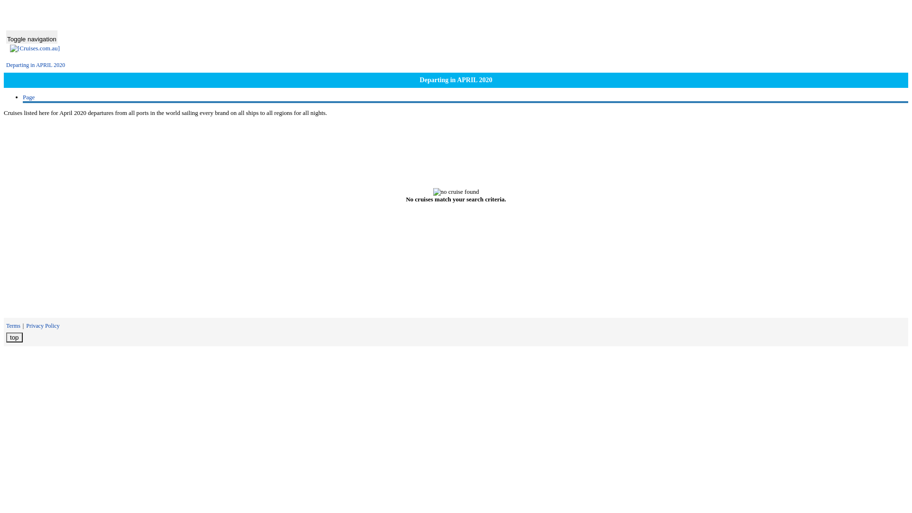 The image size is (912, 513). I want to click on 'Privacy Policy', so click(42, 325).